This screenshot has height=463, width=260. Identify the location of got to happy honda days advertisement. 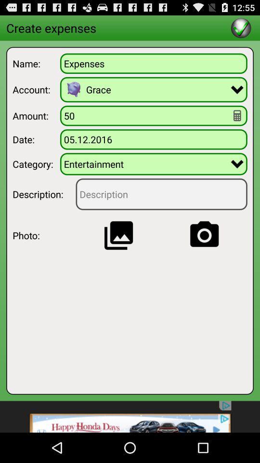
(130, 416).